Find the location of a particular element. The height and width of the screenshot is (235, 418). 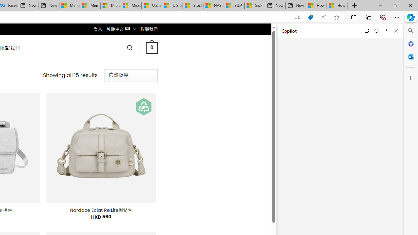

'Open link in new tab' is located at coordinates (366, 30).